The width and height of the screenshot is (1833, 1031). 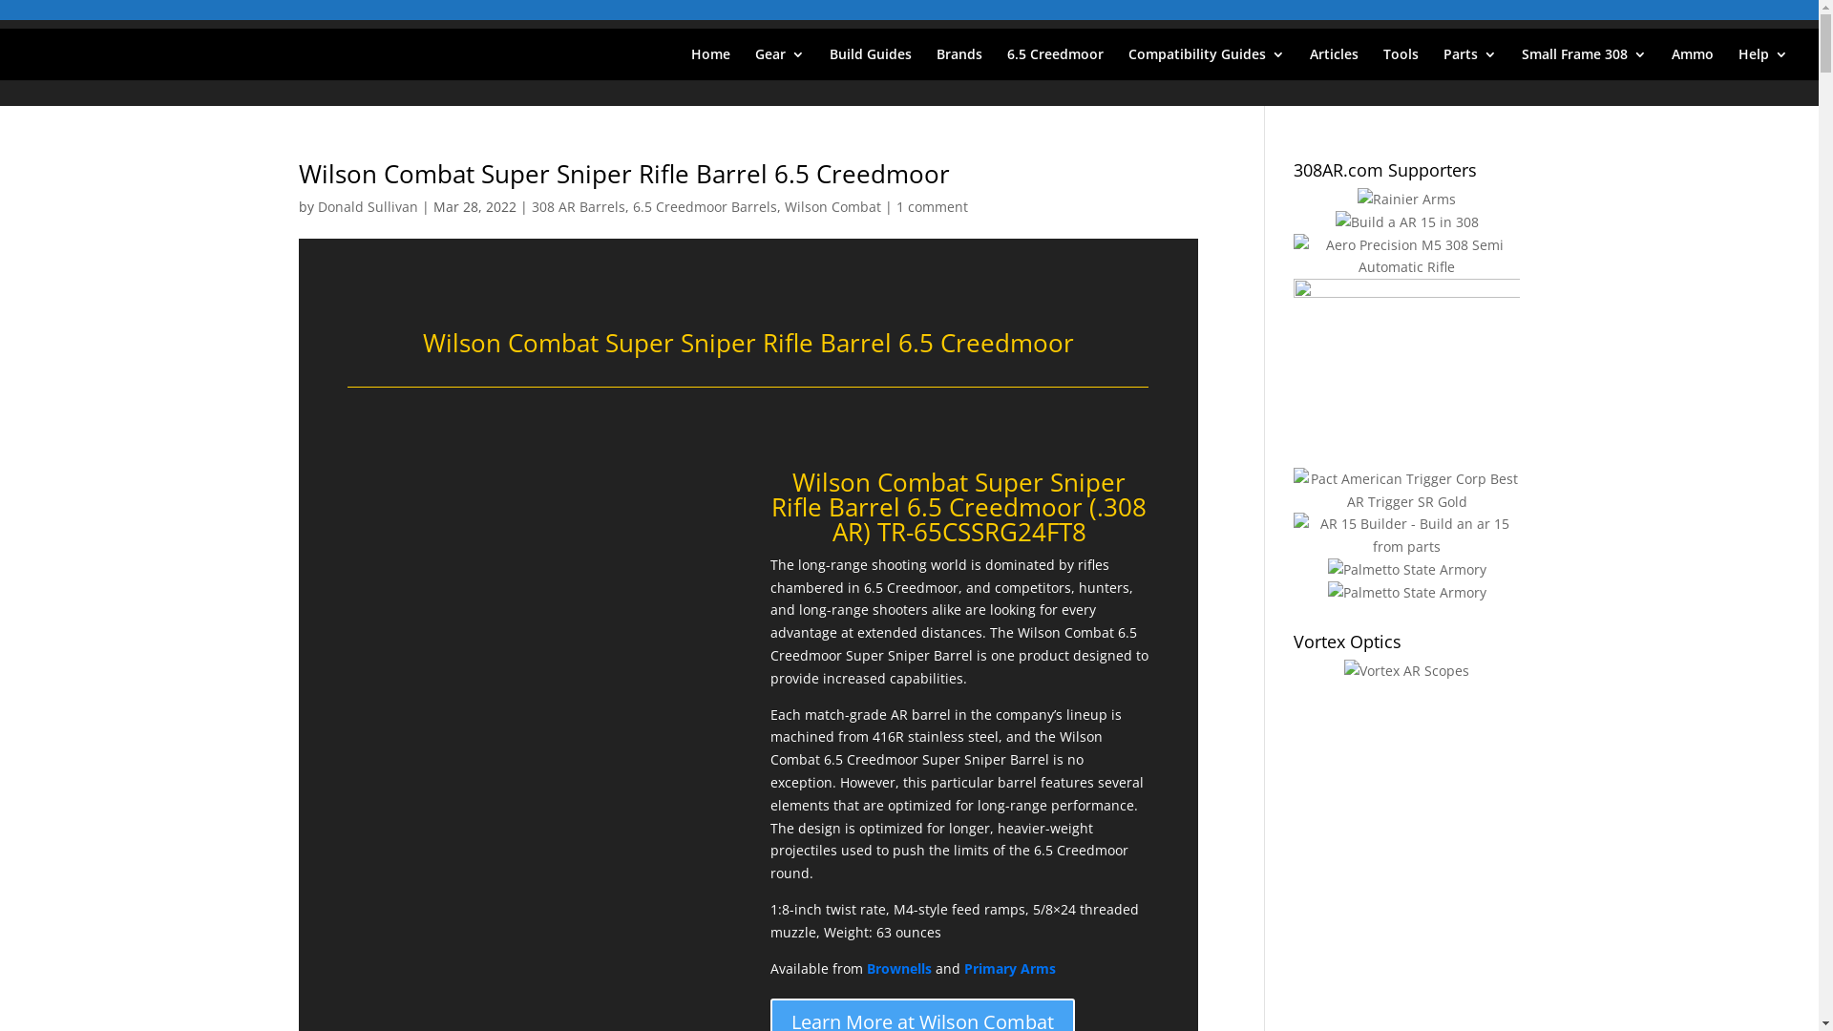 What do you see at coordinates (1342, 669) in the screenshot?
I see `'Vortex AR Scopes'` at bounding box center [1342, 669].